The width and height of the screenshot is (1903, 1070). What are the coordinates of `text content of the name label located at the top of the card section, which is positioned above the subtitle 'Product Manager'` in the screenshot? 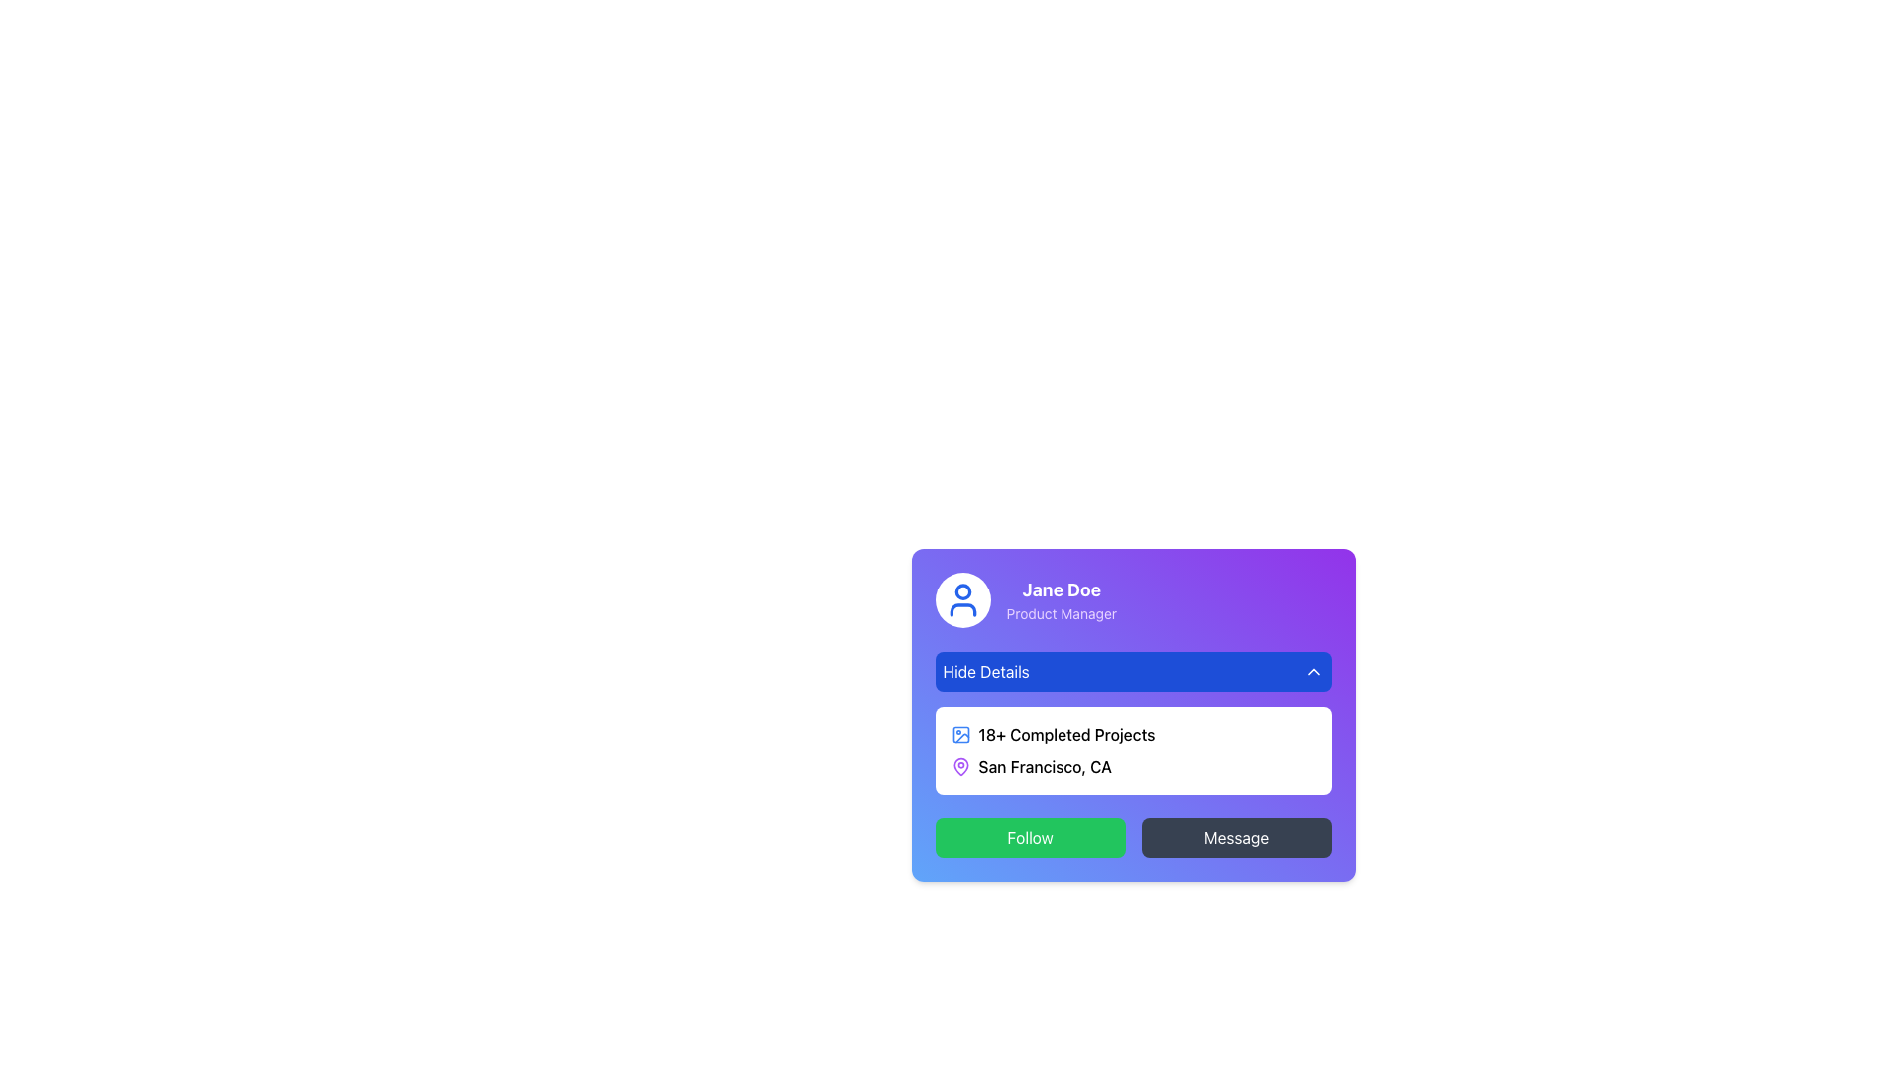 It's located at (1061, 589).